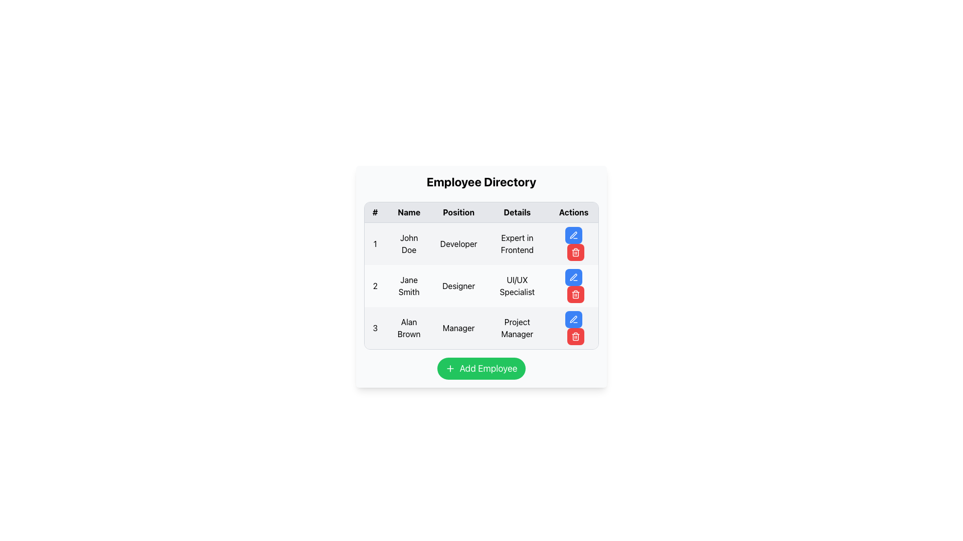 The height and width of the screenshot is (541, 963). Describe the element at coordinates (576, 336) in the screenshot. I see `the 'Delete' button for the third employee entry in the Actions column` at that location.